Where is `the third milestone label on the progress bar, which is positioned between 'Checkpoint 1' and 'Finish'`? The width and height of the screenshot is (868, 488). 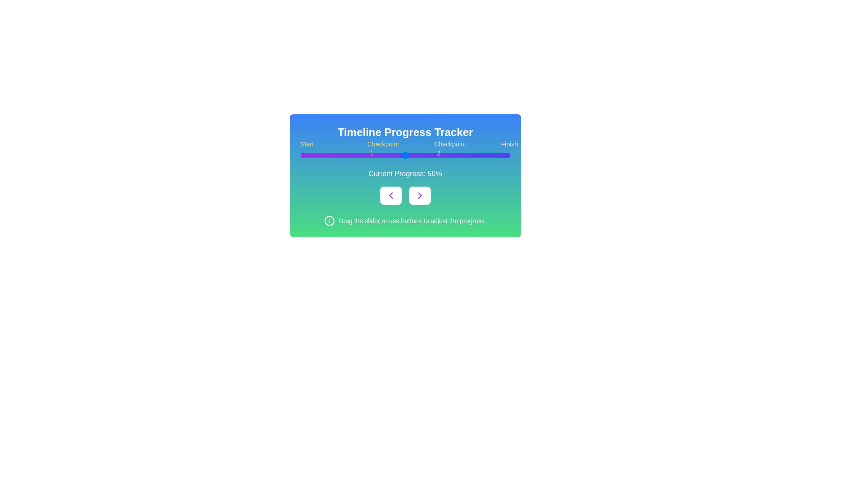 the third milestone label on the progress bar, which is positioned between 'Checkpoint 1' and 'Finish' is located at coordinates (439, 148).